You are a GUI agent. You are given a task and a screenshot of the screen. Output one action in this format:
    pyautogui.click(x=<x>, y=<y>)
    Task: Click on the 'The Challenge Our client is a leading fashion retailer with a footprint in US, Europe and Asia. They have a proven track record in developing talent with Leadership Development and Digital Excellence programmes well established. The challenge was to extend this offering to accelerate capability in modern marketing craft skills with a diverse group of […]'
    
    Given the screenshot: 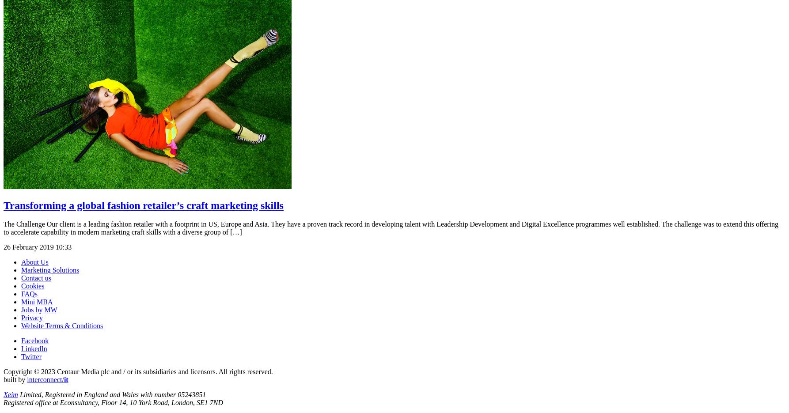 What is the action you would take?
    pyautogui.click(x=390, y=227)
    